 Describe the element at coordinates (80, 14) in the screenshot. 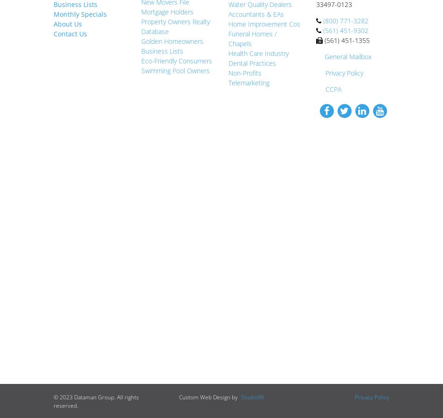

I see `'Monthly Specials'` at that location.